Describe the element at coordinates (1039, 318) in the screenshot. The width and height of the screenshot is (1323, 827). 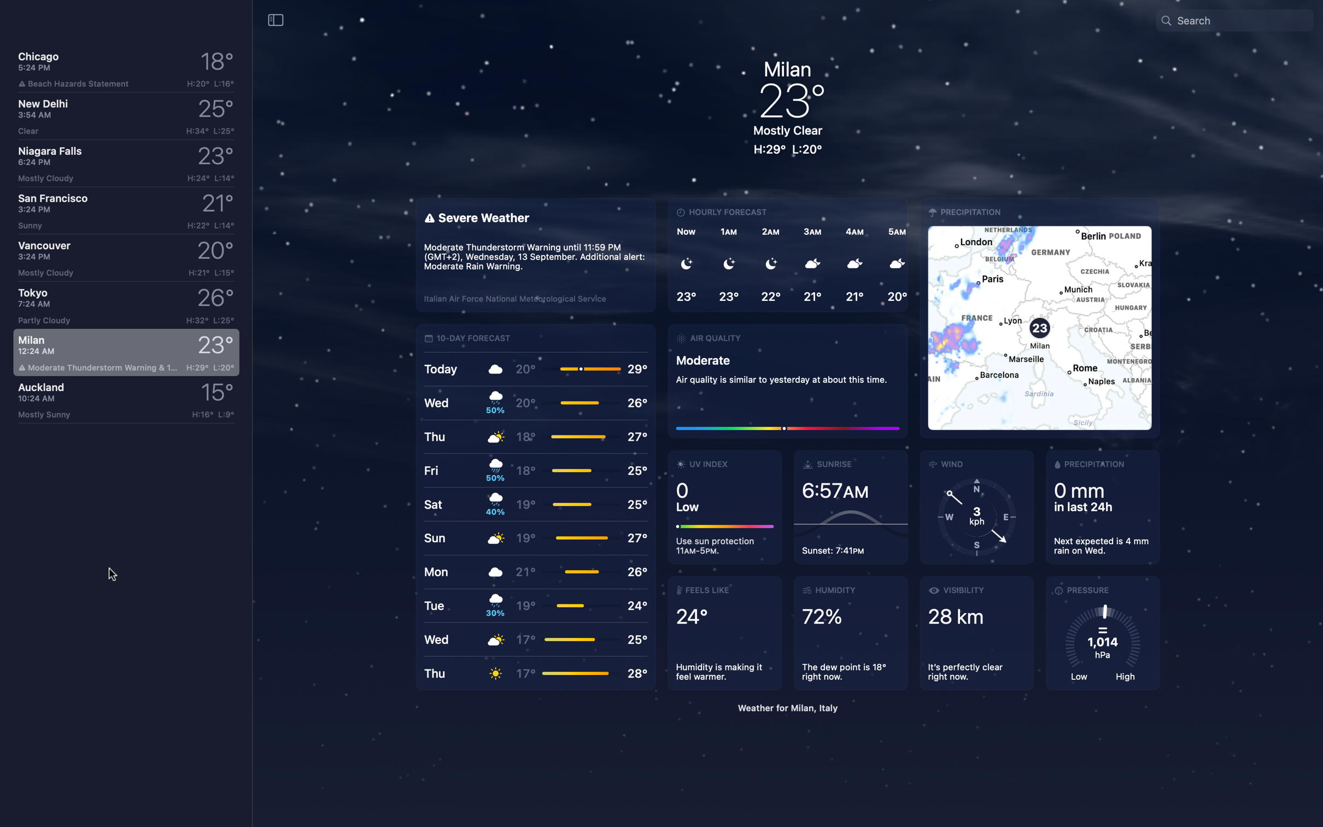
I see `Assess wind situation on map view` at that location.